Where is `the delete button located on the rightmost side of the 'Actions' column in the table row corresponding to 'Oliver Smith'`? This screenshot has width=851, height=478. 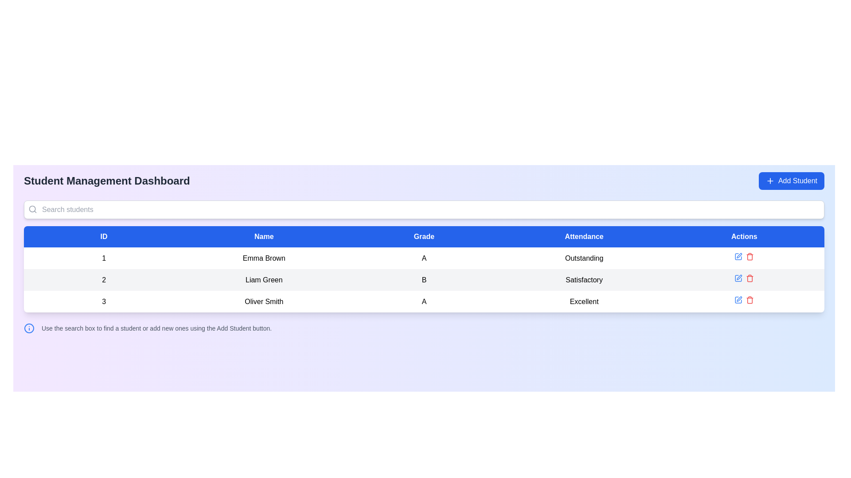
the delete button located on the rightmost side of the 'Actions' column in the table row corresponding to 'Oliver Smith' is located at coordinates (750, 300).